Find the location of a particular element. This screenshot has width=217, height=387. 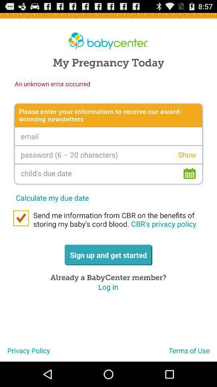

item below the calculate my due app is located at coordinates (21, 218).